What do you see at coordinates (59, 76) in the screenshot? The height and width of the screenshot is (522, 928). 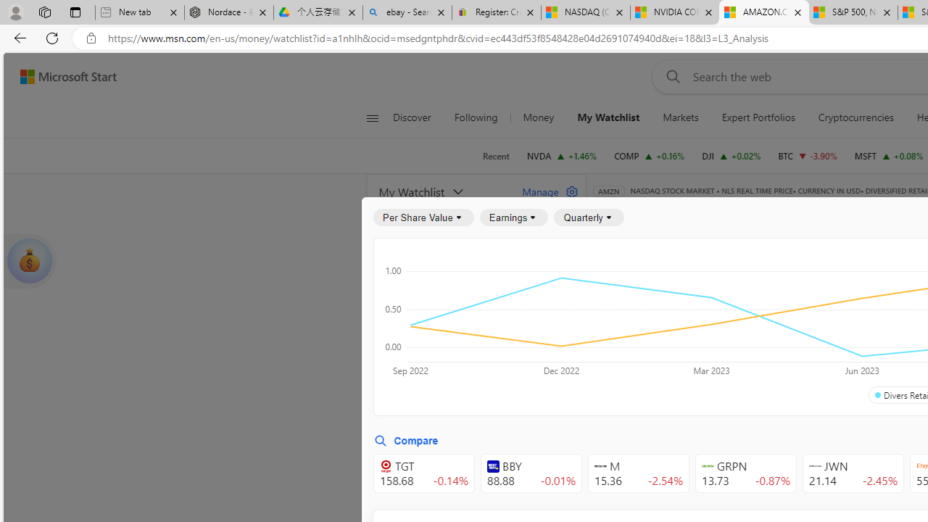 I see `'Skip to footer'` at bounding box center [59, 76].